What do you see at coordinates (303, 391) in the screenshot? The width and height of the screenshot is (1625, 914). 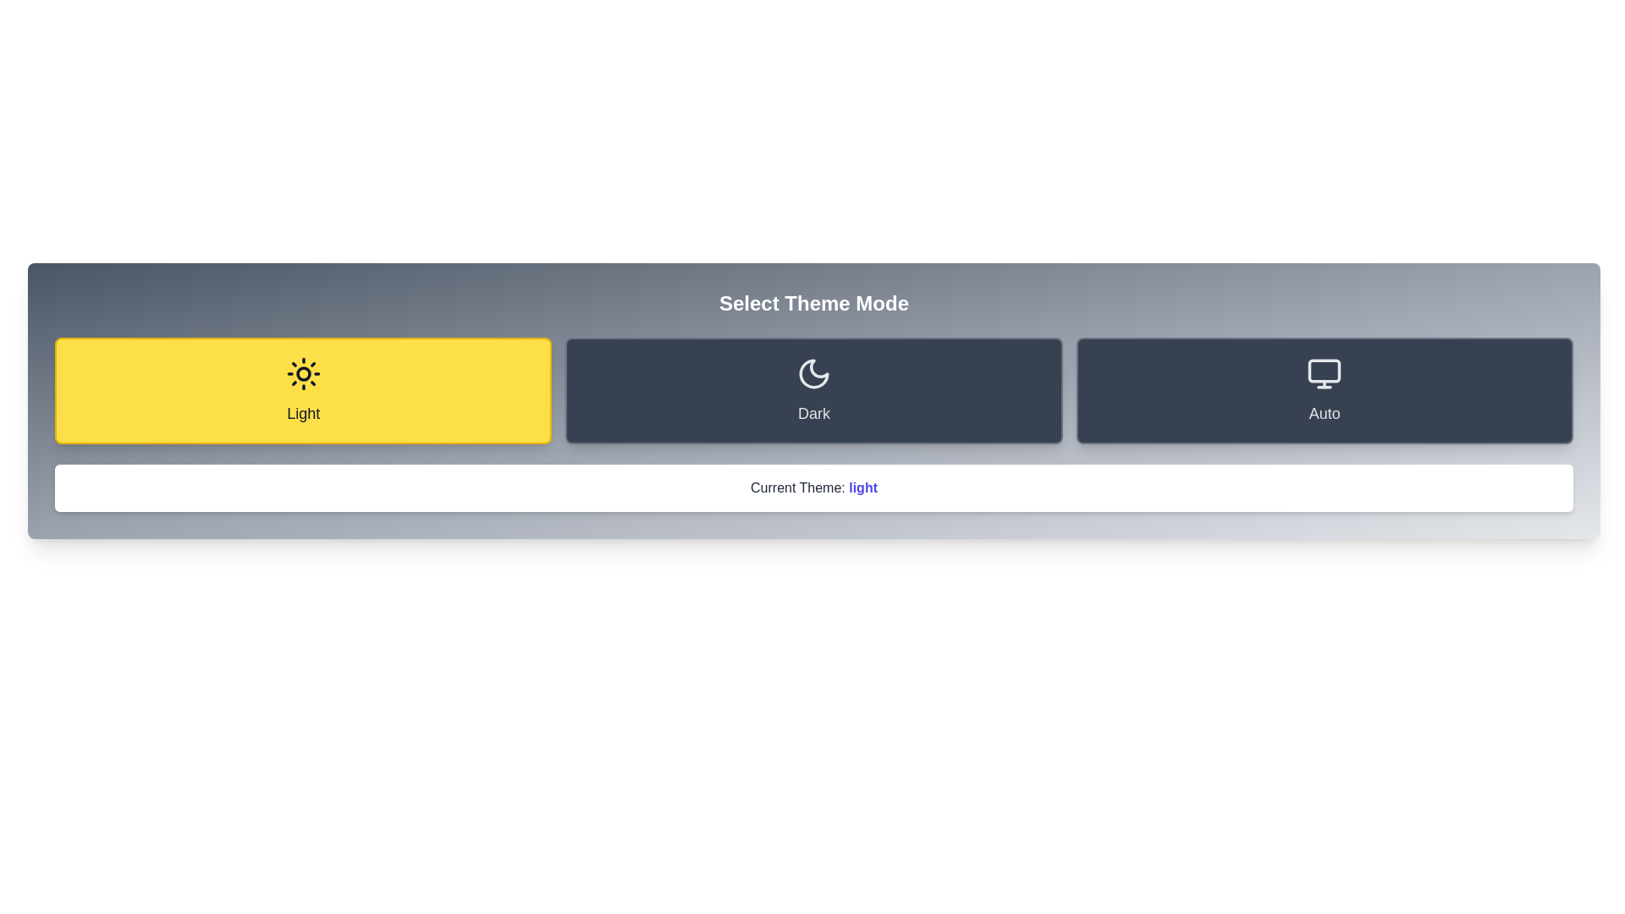 I see `the leftmost button in the theme selection grid to choose the 'Light' theme mode` at bounding box center [303, 391].